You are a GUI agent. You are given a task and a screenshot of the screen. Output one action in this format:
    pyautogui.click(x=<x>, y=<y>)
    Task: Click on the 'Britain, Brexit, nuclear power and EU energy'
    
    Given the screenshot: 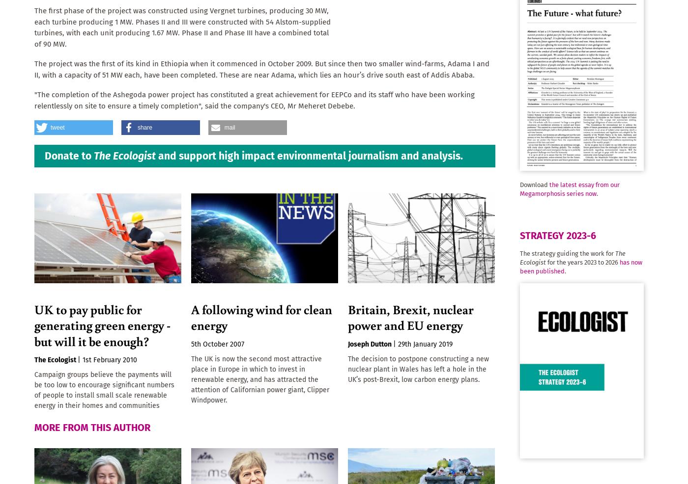 What is the action you would take?
    pyautogui.click(x=410, y=317)
    